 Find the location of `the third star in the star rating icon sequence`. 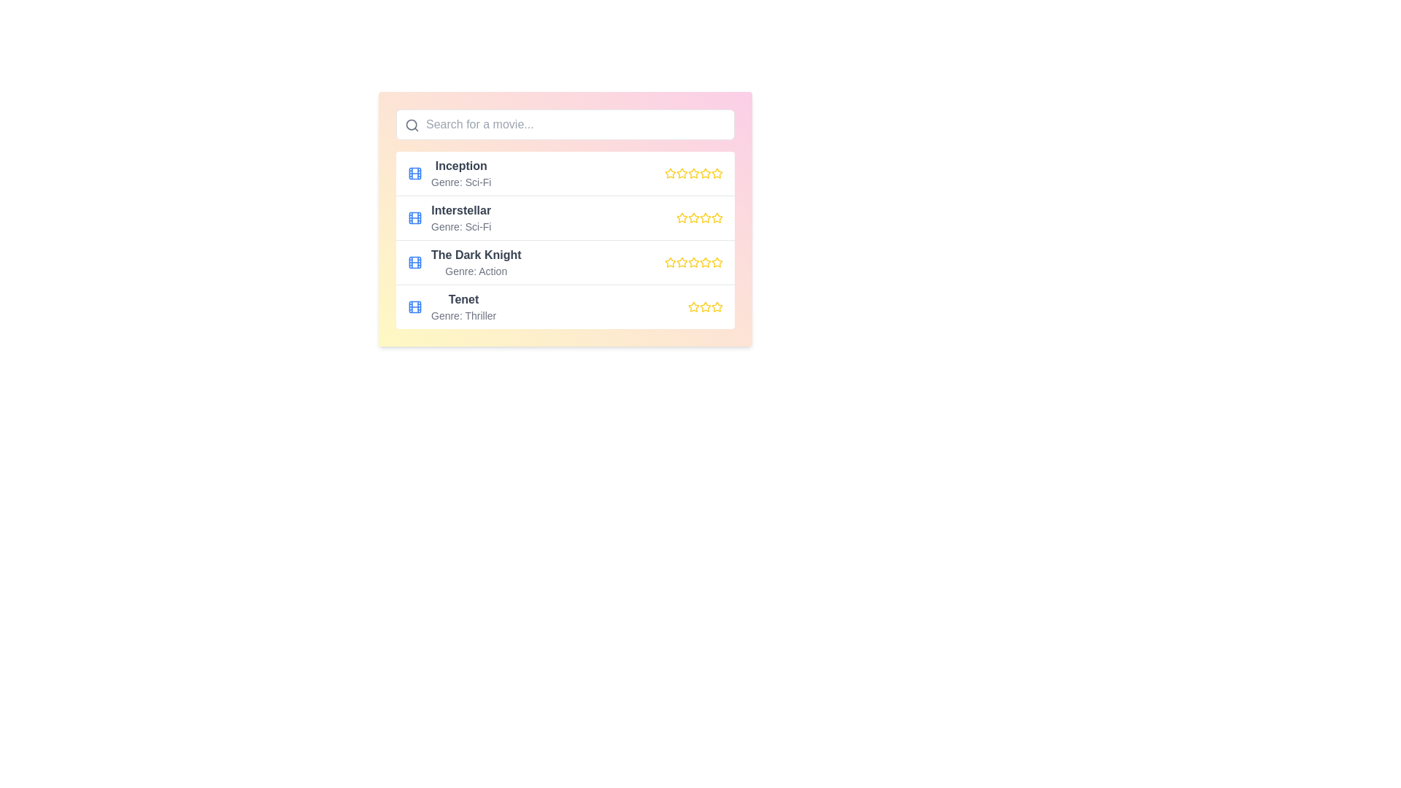

the third star in the star rating icon sequence is located at coordinates (705, 306).